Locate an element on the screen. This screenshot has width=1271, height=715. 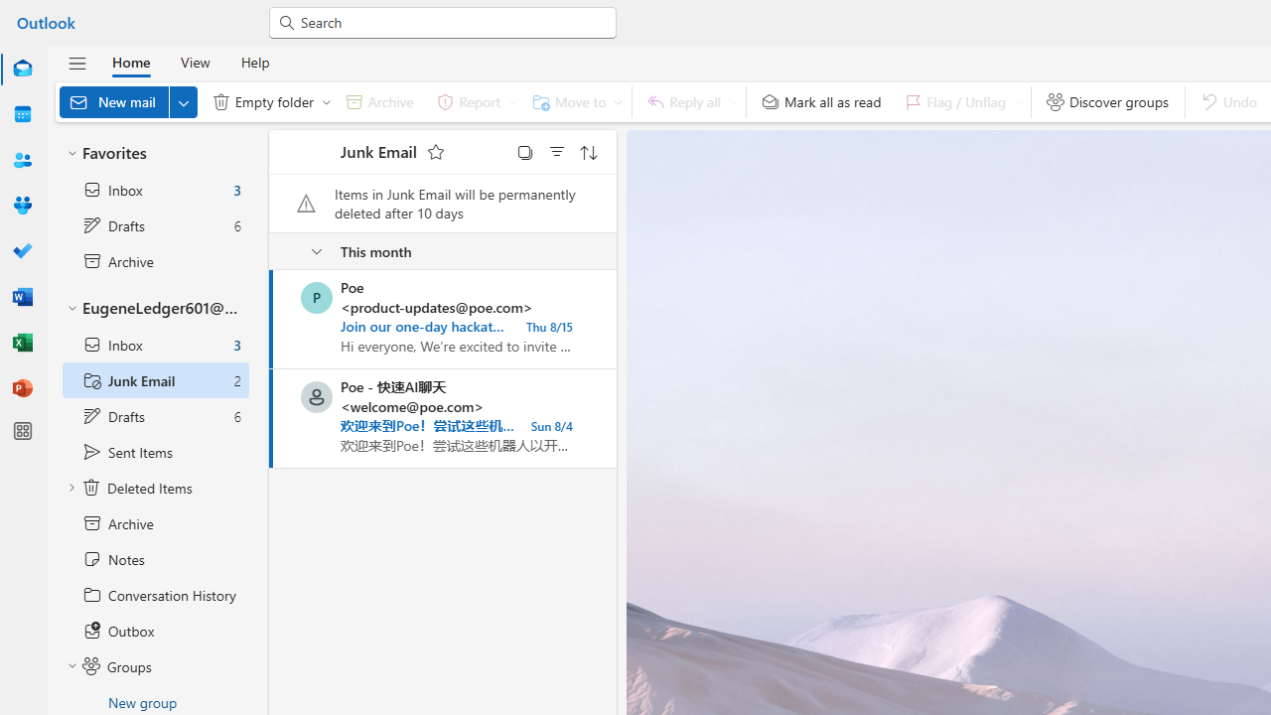
'Empty folder' is located at coordinates (266, 101).